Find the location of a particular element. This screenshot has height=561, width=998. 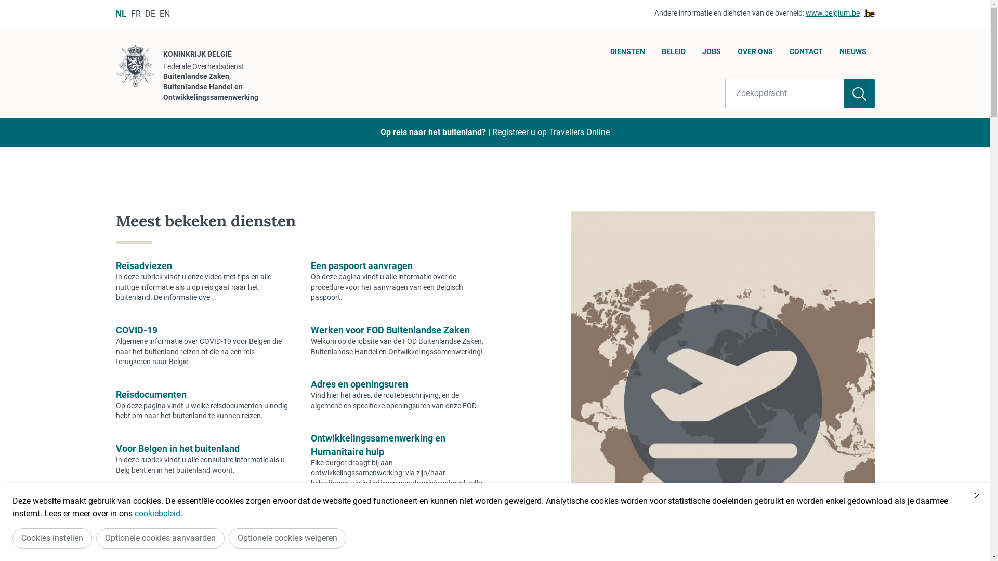

'COVID-19' is located at coordinates (136, 330).